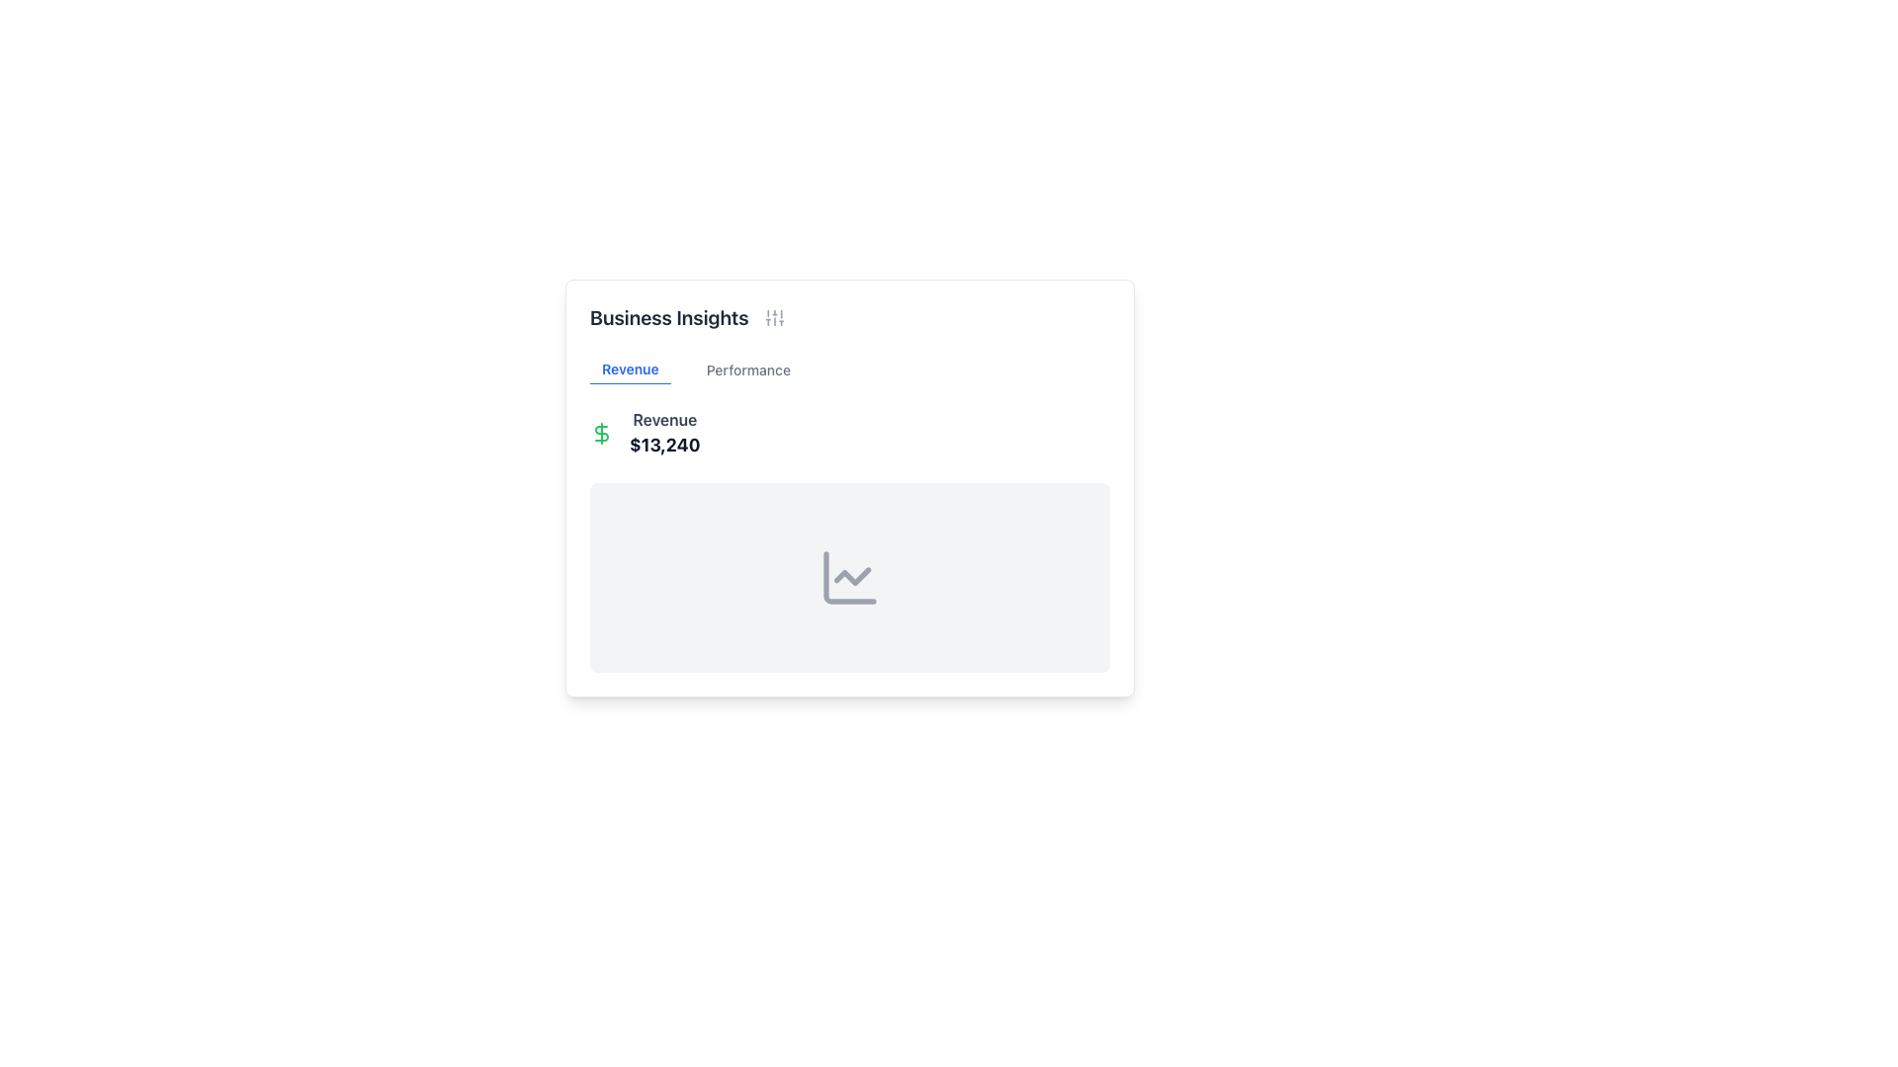  What do you see at coordinates (664, 433) in the screenshot?
I see `the non-interactive Text Display element that shows 'Revenue' and '$13,240' for revenue information` at bounding box center [664, 433].